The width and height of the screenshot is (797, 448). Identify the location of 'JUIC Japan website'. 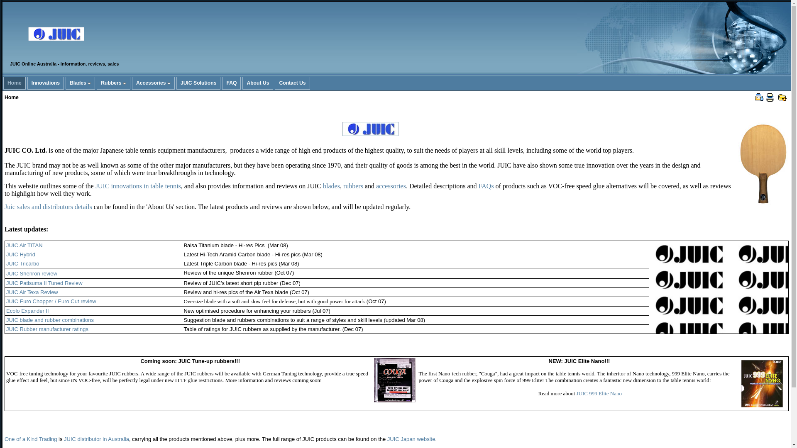
(411, 439).